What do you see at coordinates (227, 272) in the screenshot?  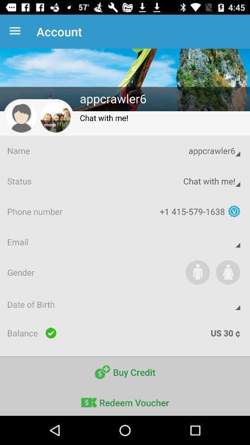 I see `icon above date of birth icon` at bounding box center [227, 272].